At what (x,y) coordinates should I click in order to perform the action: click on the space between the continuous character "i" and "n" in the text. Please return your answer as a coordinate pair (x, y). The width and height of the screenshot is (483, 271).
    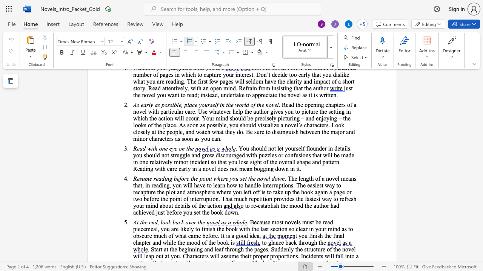
    Looking at the image, I should click on (313, 235).